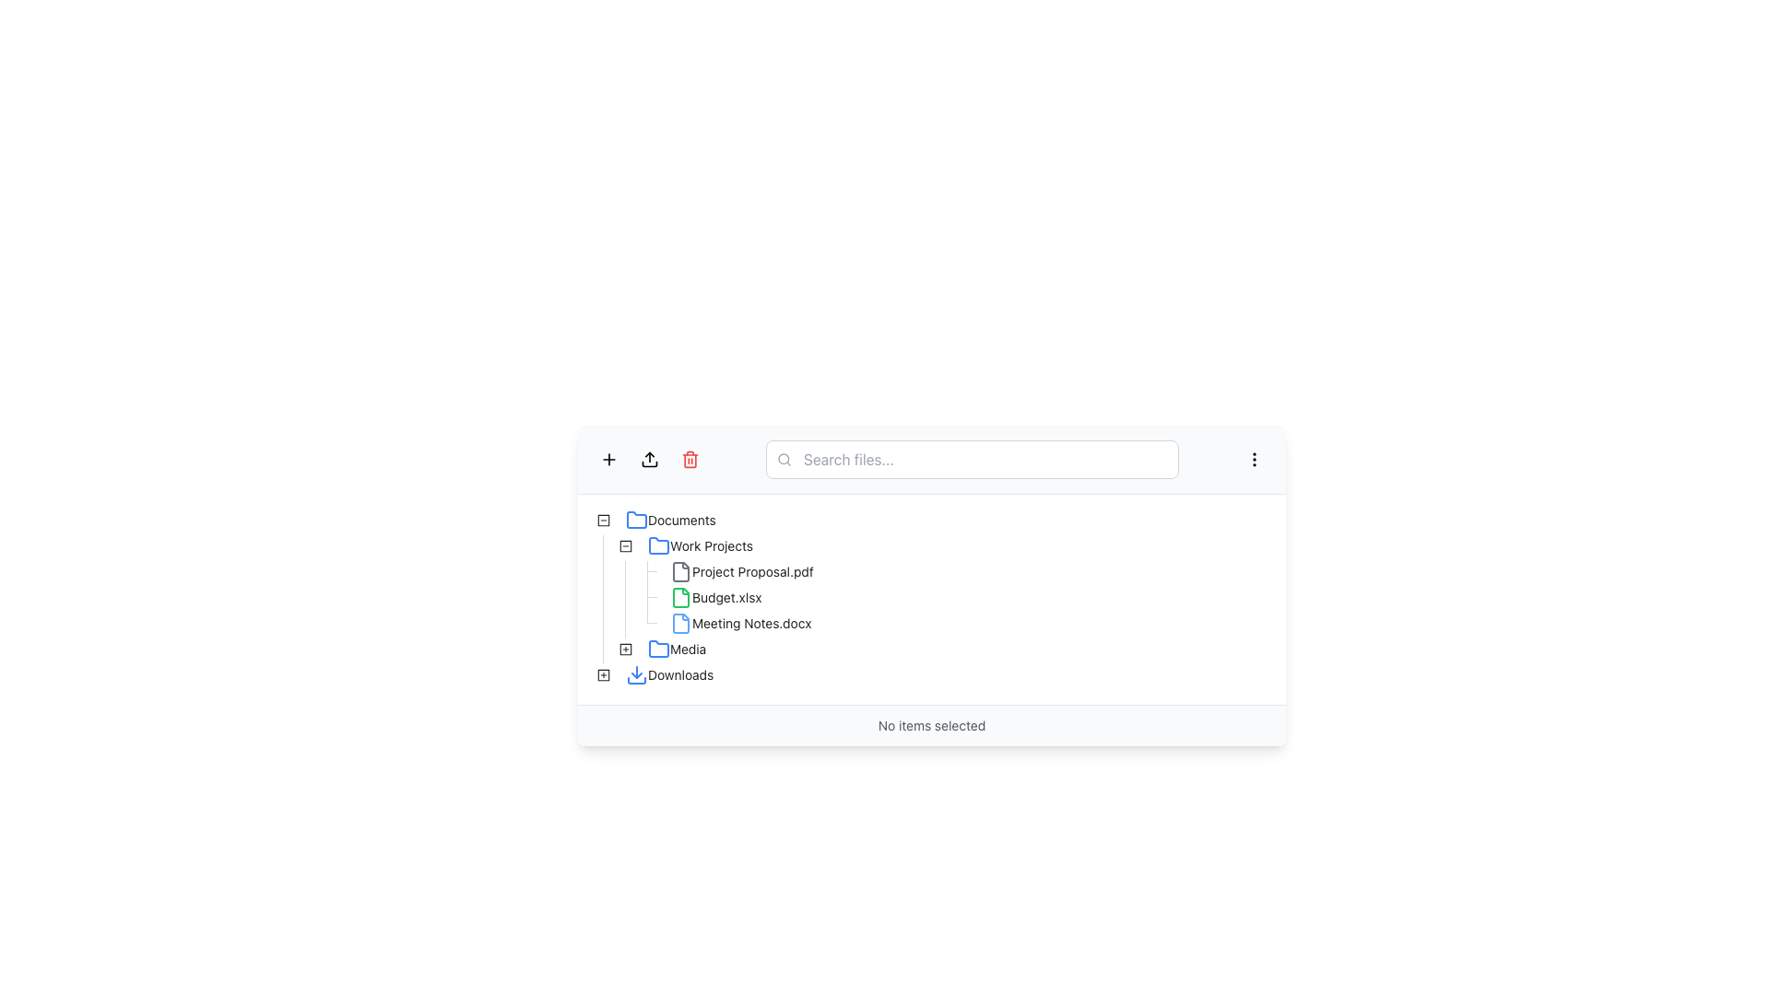  What do you see at coordinates (668, 674) in the screenshot?
I see `to select the 'Downloads' folder item located in the left-hand file directory panel under the 'Media' folder` at bounding box center [668, 674].